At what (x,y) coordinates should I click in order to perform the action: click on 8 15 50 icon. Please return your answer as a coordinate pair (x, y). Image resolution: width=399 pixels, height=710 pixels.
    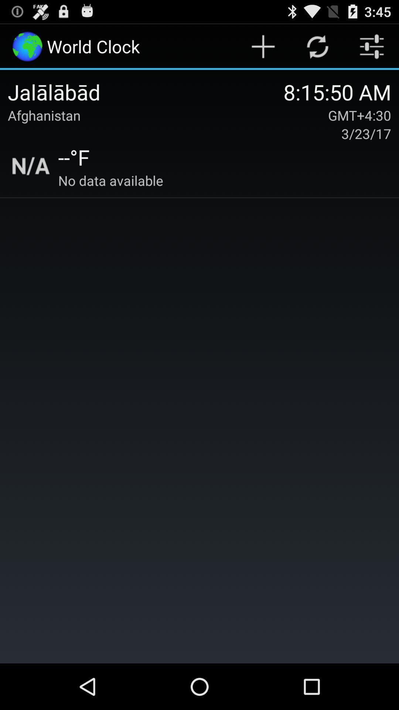
    Looking at the image, I should click on (337, 91).